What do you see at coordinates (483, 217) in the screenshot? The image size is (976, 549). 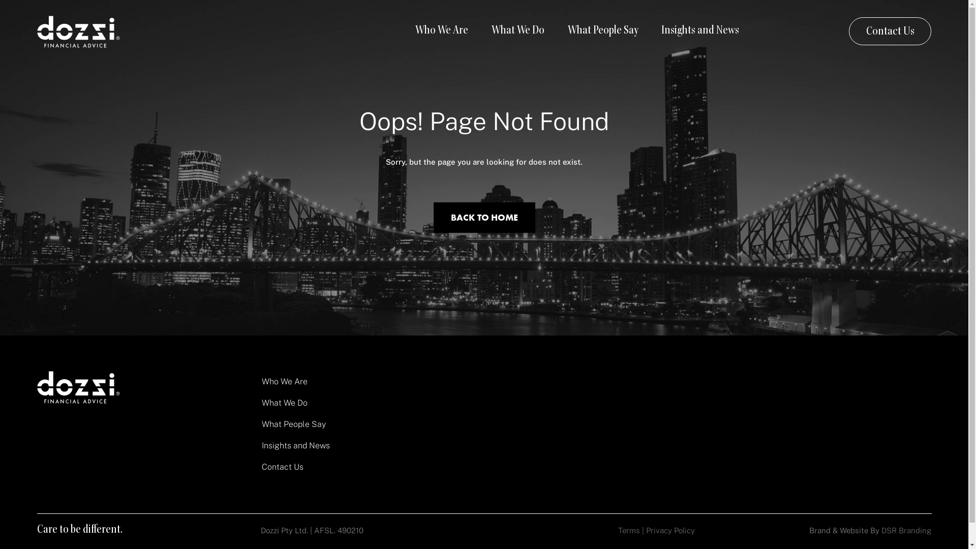 I see `'BACK TO HOME'` at bounding box center [483, 217].